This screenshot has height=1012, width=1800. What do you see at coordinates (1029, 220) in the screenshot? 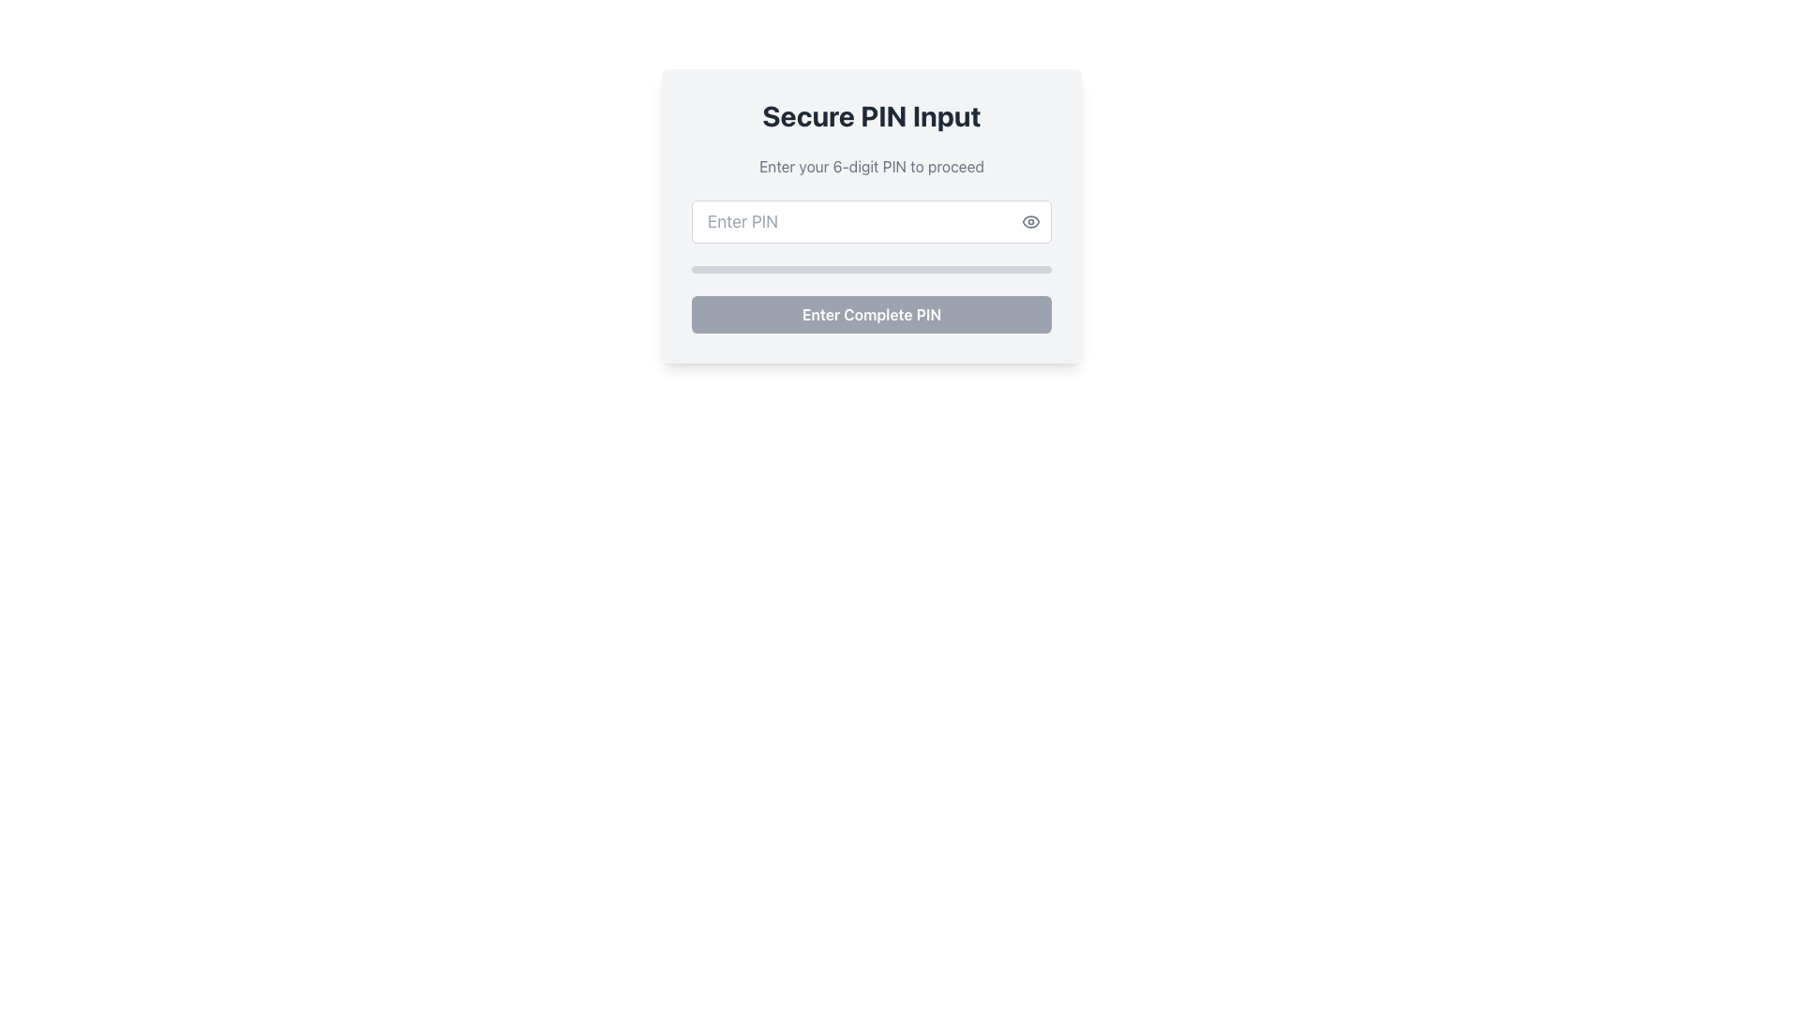
I see `the eye icon, which is a circular button with a smaller circle at its center, located to the right of the 'Enter PIN' input field` at bounding box center [1029, 220].